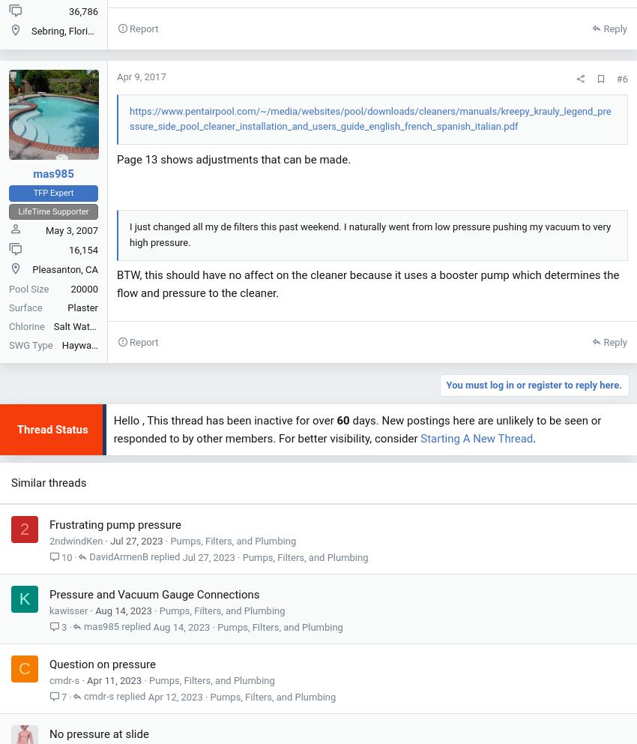 The width and height of the screenshot is (637, 744). What do you see at coordinates (114, 680) in the screenshot?
I see `'Apr 11, 2023'` at bounding box center [114, 680].